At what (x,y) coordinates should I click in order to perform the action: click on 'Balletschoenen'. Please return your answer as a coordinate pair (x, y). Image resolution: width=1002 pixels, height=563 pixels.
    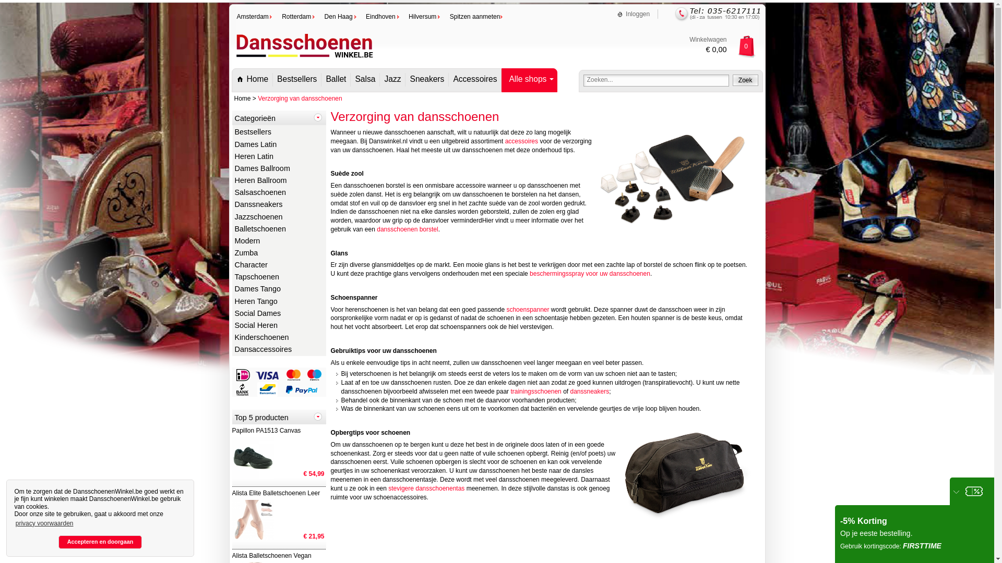
    Looking at the image, I should click on (278, 229).